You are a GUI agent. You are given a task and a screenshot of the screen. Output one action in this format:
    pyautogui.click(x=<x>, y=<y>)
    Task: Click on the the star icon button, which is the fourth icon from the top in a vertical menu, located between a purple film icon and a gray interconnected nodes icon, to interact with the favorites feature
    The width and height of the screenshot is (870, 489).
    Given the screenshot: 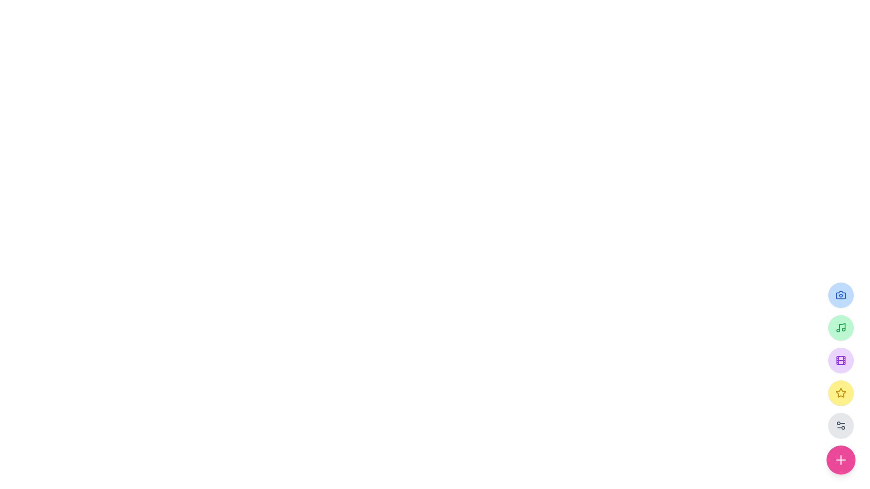 What is the action you would take?
    pyautogui.click(x=841, y=392)
    